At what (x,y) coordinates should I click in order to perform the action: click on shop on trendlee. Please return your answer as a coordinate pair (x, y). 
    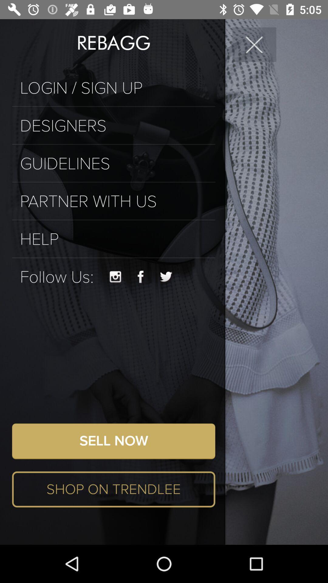
    Looking at the image, I should click on (114, 489).